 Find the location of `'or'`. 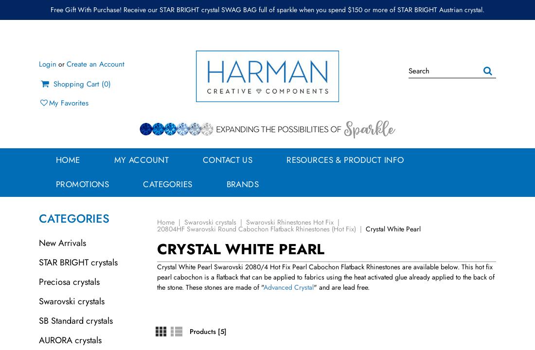

'or' is located at coordinates (61, 64).